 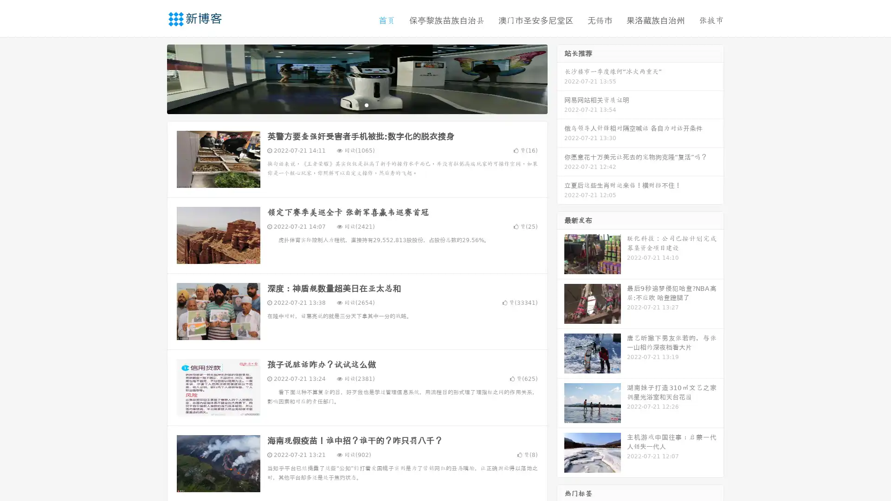 What do you see at coordinates (366, 104) in the screenshot?
I see `Go to slide 3` at bounding box center [366, 104].